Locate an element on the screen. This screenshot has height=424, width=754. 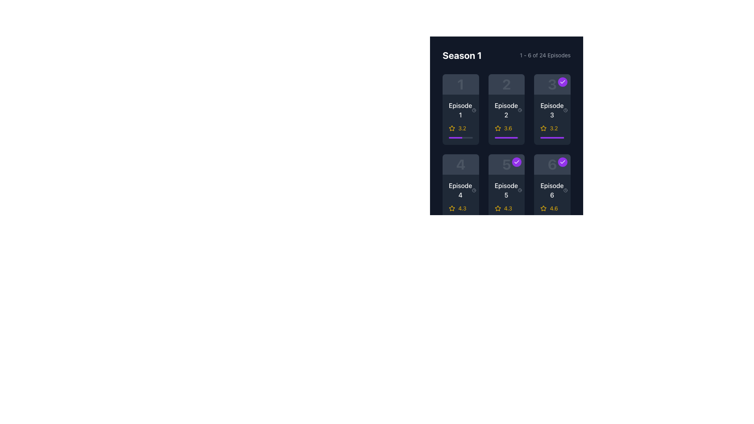
the informational display element representing Episode 4 is located at coordinates (461, 164).